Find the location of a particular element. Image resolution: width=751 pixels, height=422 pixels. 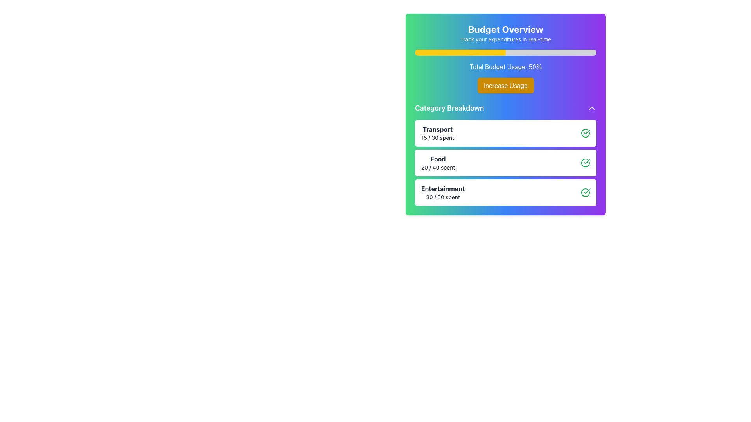

the second list item in the 'Category Breakdown' section that provides spending details for the 'Food' category is located at coordinates (505, 154).